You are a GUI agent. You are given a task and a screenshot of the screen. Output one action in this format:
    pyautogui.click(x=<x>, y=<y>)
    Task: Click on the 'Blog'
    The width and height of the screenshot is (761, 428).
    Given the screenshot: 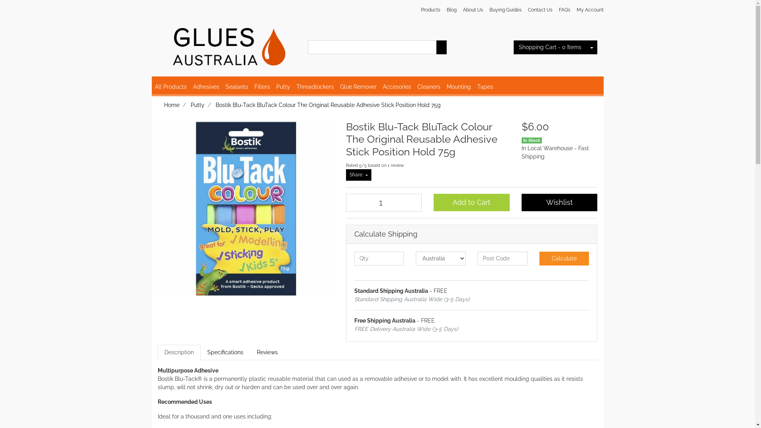 What is the action you would take?
    pyautogui.click(x=451, y=10)
    